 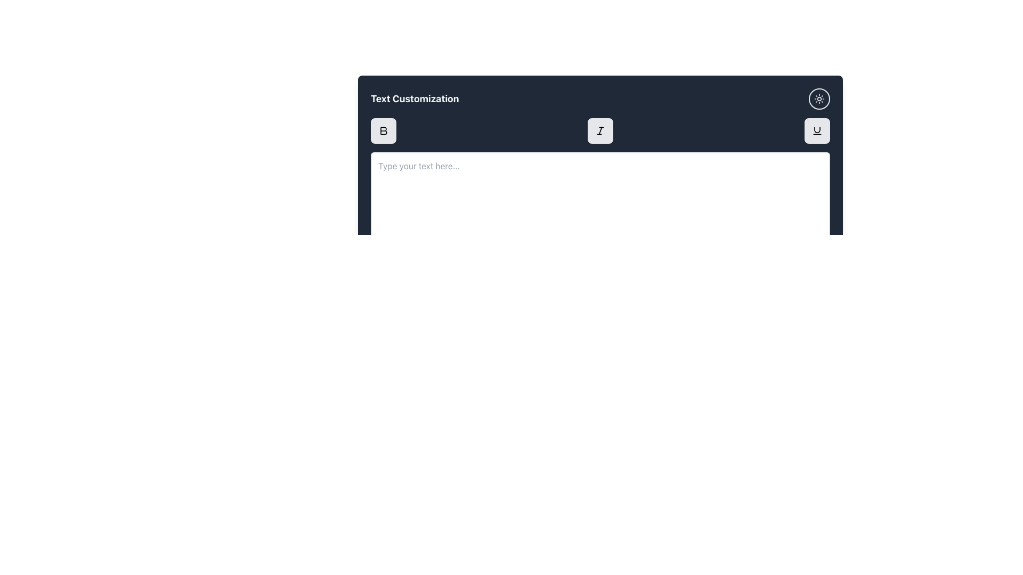 I want to click on the toggle italic button, the second button in the row below 'Text Customization', to apply or remove italic formatting on selected text, so click(x=600, y=130).